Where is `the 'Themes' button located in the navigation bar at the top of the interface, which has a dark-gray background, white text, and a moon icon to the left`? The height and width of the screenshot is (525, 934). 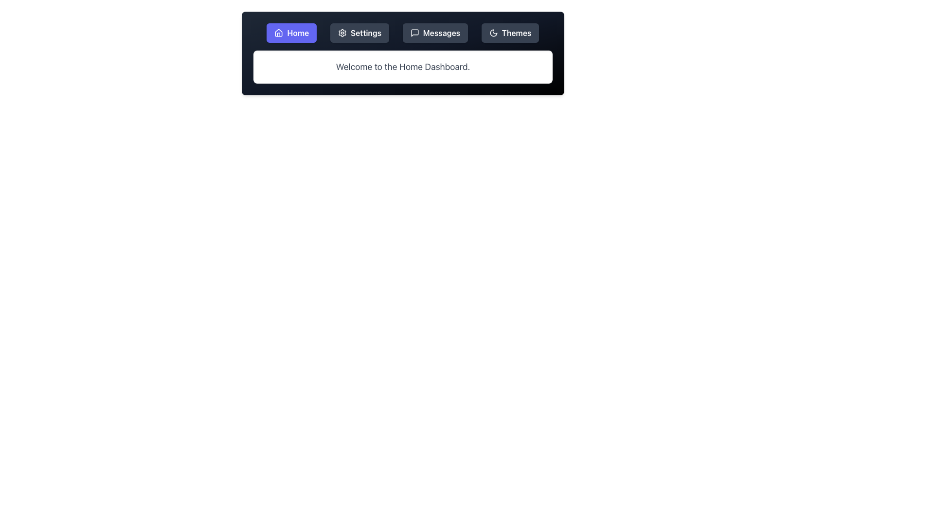
the 'Themes' button located in the navigation bar at the top of the interface, which has a dark-gray background, white text, and a moon icon to the left is located at coordinates (510, 33).